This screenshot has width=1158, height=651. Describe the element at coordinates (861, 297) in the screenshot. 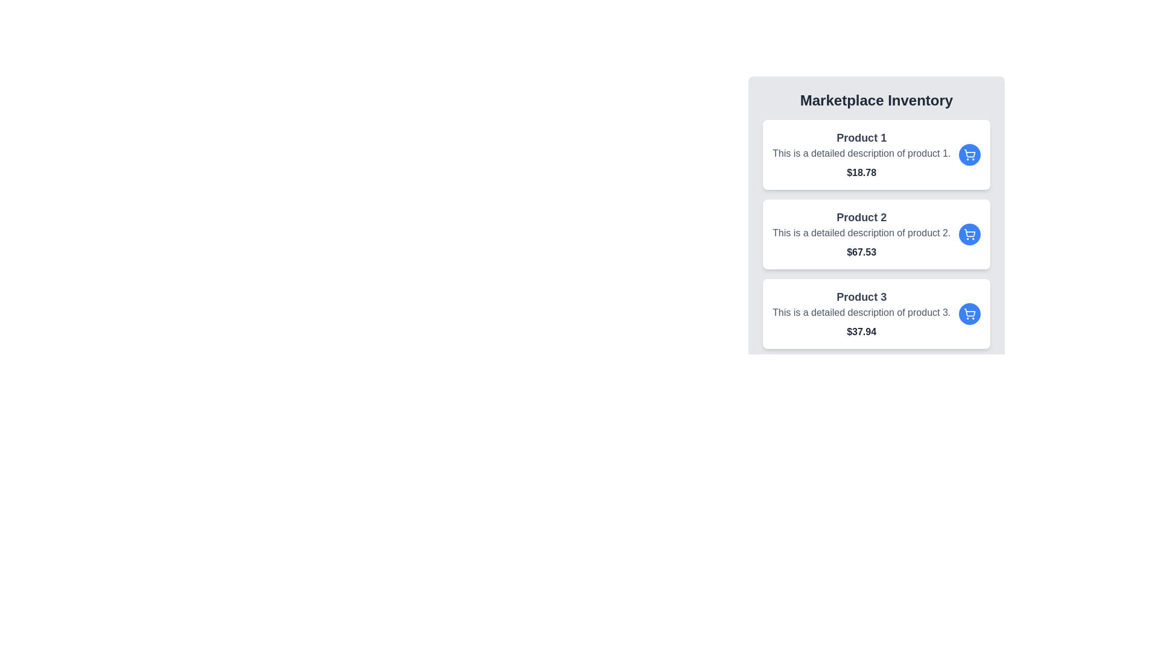

I see `text label 'Product 3' which is displayed in large, bold, gray-colored font, centered within a white box in the third row of product items` at that location.